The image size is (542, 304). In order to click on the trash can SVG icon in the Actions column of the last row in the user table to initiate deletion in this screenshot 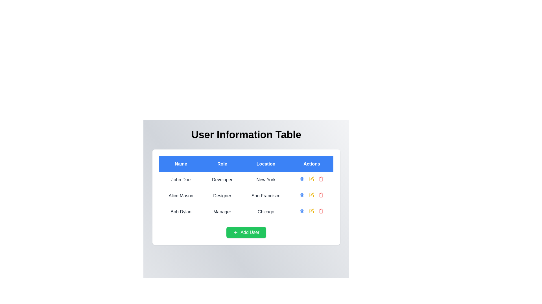, I will do `click(321, 211)`.